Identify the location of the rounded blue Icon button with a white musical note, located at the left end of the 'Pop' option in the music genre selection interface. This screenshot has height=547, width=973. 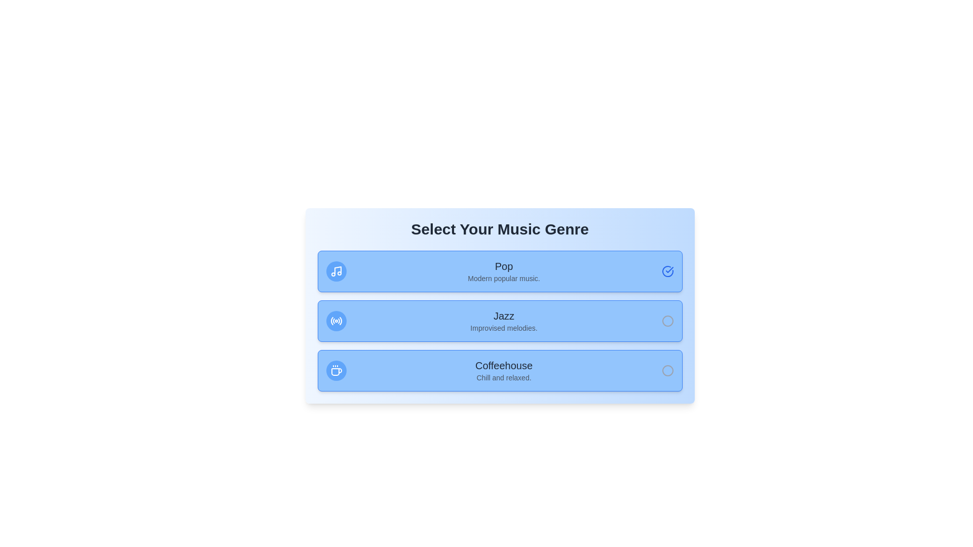
(336, 271).